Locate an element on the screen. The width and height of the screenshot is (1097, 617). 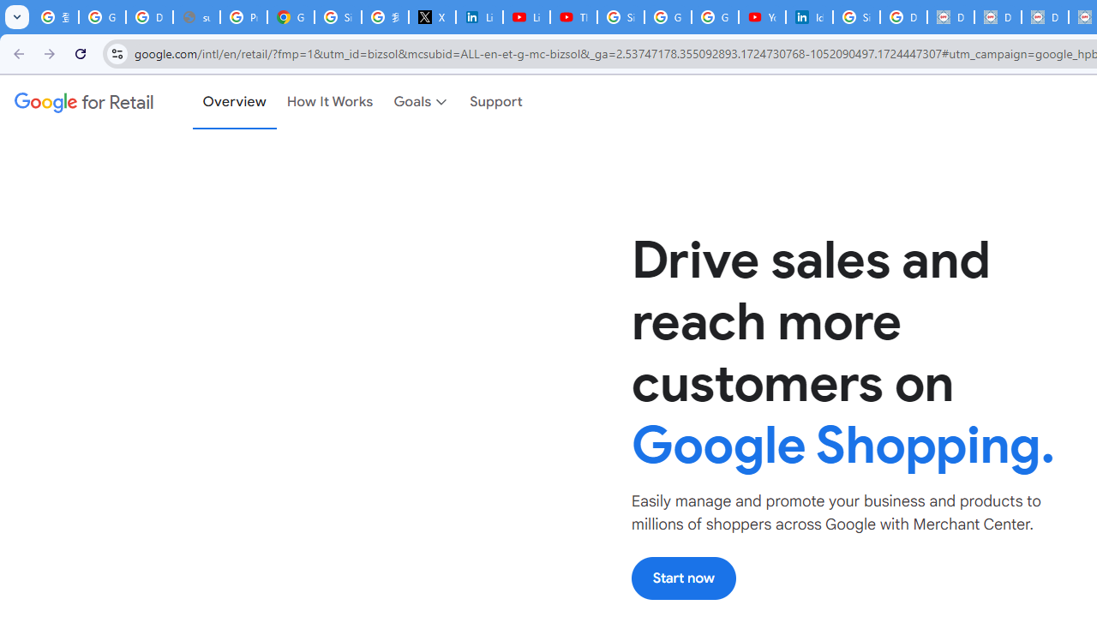
'X' is located at coordinates (432, 17).